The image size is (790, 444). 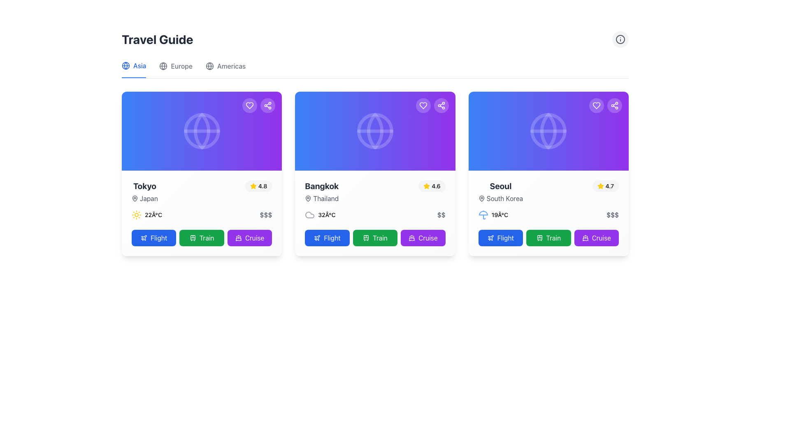 What do you see at coordinates (366, 238) in the screenshot?
I see `the train mode icon located to the left of the 'Train' button text in the second travel card titled 'Bangkok' for its symbolic value` at bounding box center [366, 238].